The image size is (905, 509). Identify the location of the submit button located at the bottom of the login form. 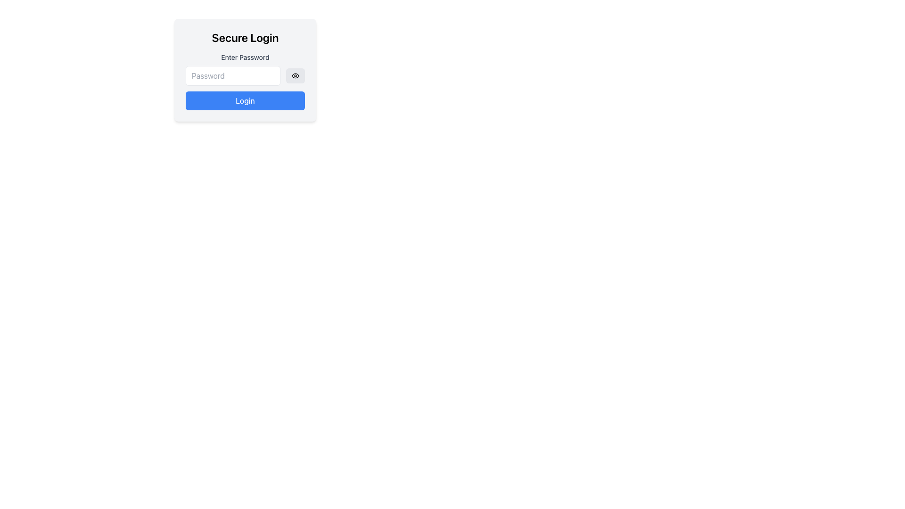
(245, 100).